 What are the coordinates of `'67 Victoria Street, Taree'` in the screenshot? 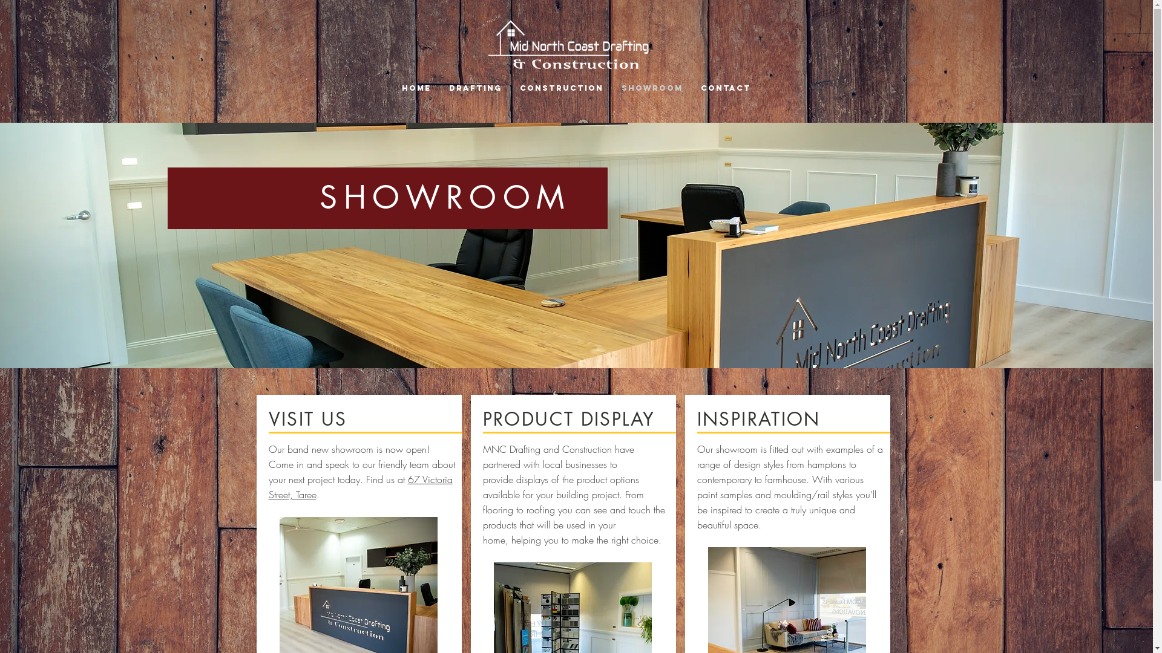 It's located at (359, 486).